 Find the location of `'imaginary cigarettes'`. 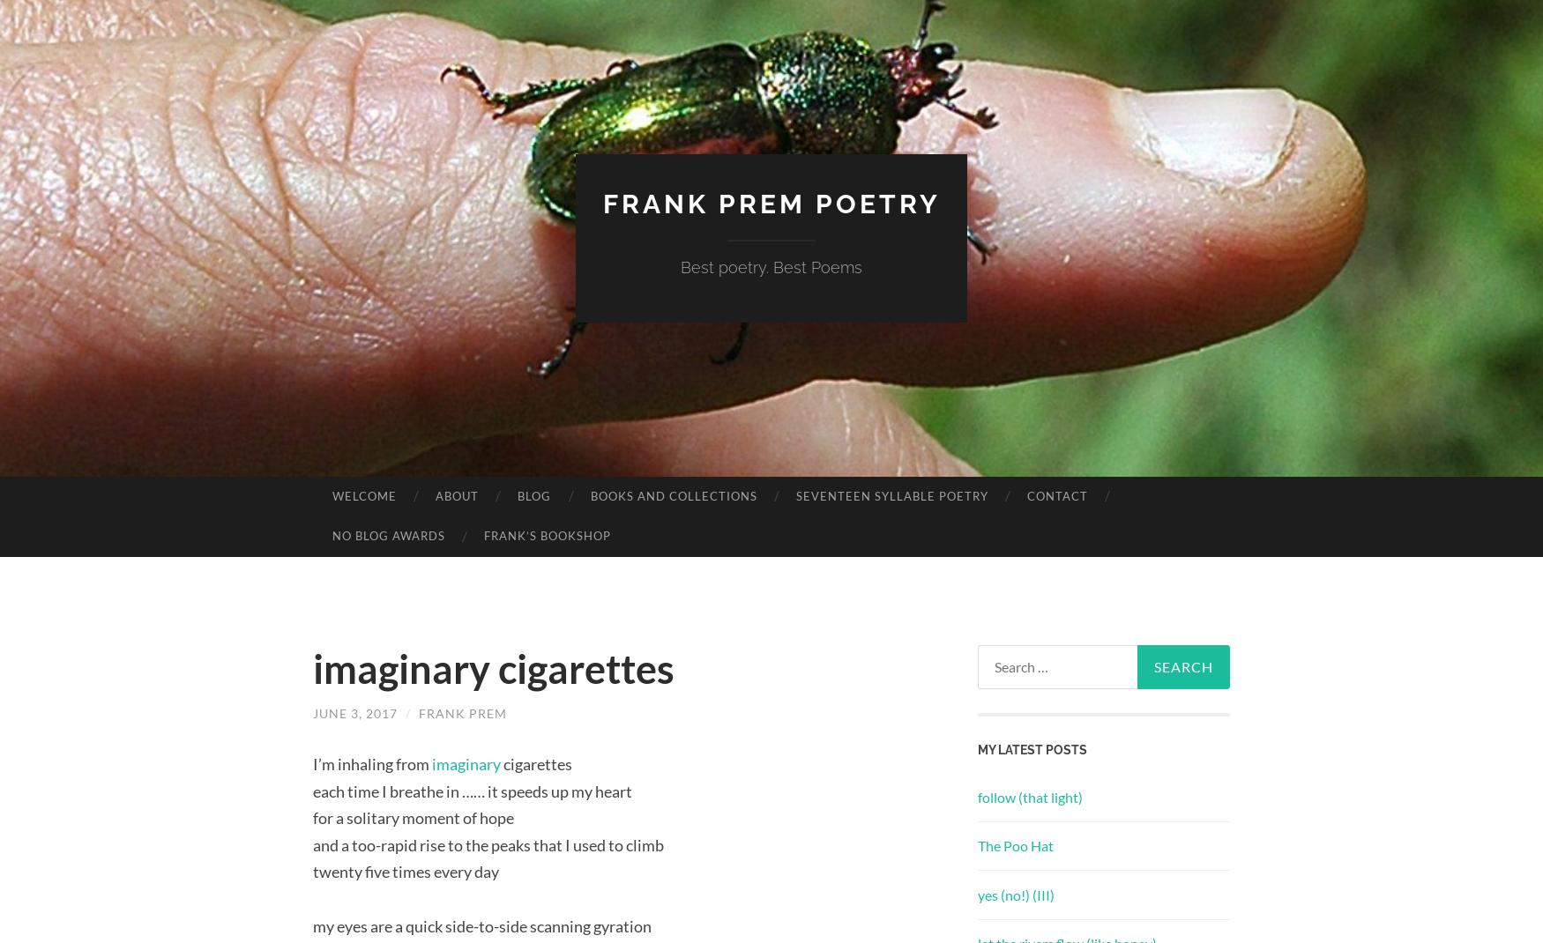

'imaginary cigarettes' is located at coordinates (493, 666).